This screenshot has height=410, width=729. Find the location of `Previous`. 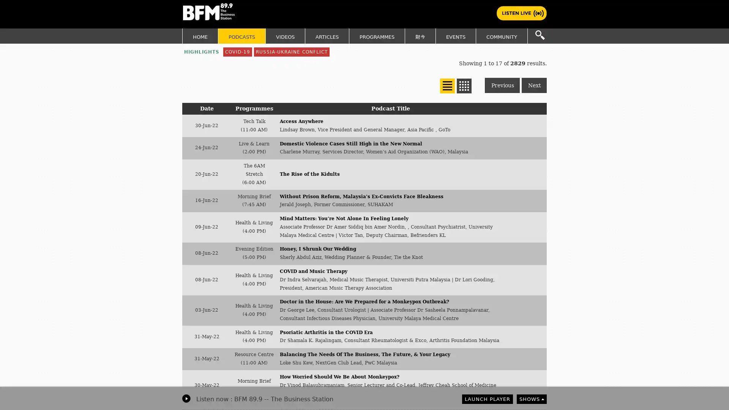

Previous is located at coordinates (502, 85).